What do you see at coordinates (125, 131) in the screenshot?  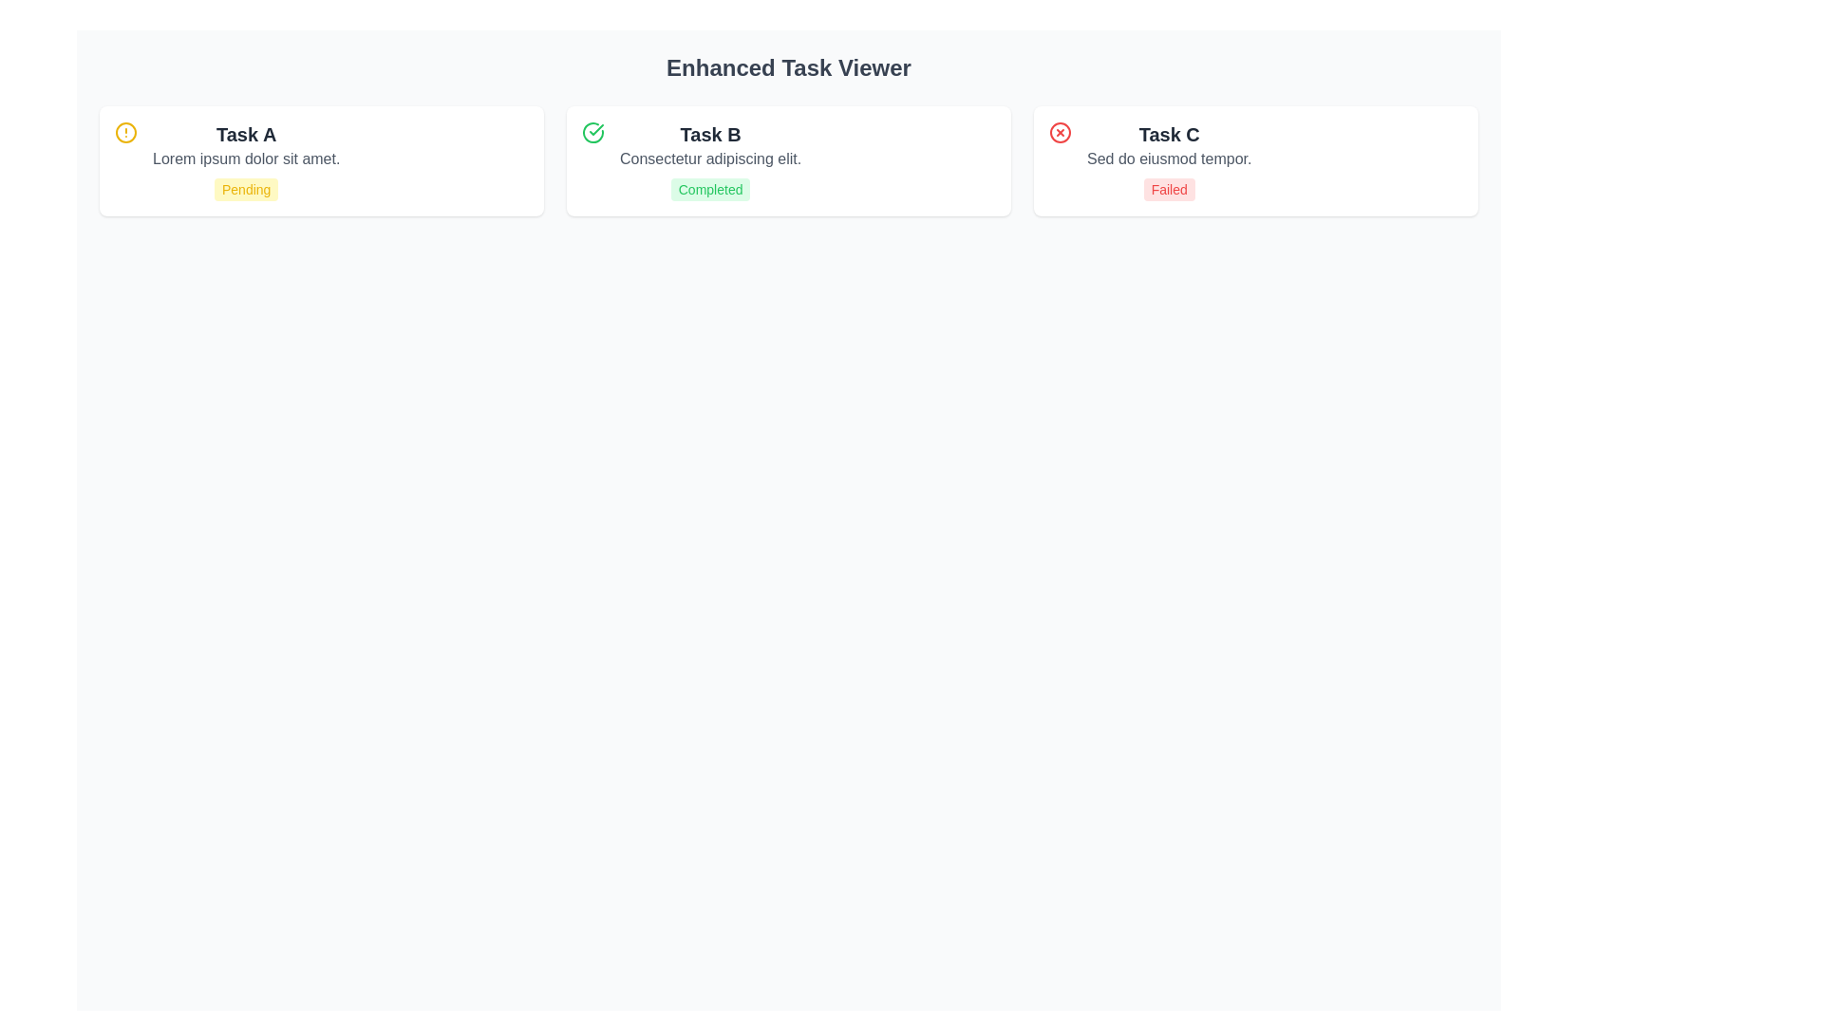 I see `the circular yellow icon with a warning symbol located in the upper left corner of the card labeled 'Task A'` at bounding box center [125, 131].